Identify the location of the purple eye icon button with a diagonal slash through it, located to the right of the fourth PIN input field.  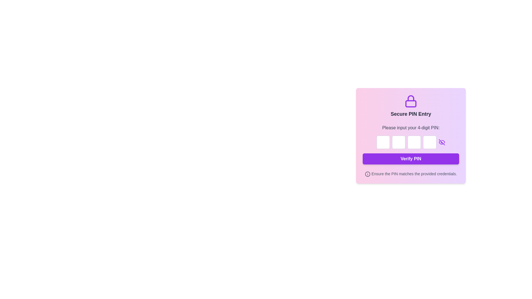
(441, 142).